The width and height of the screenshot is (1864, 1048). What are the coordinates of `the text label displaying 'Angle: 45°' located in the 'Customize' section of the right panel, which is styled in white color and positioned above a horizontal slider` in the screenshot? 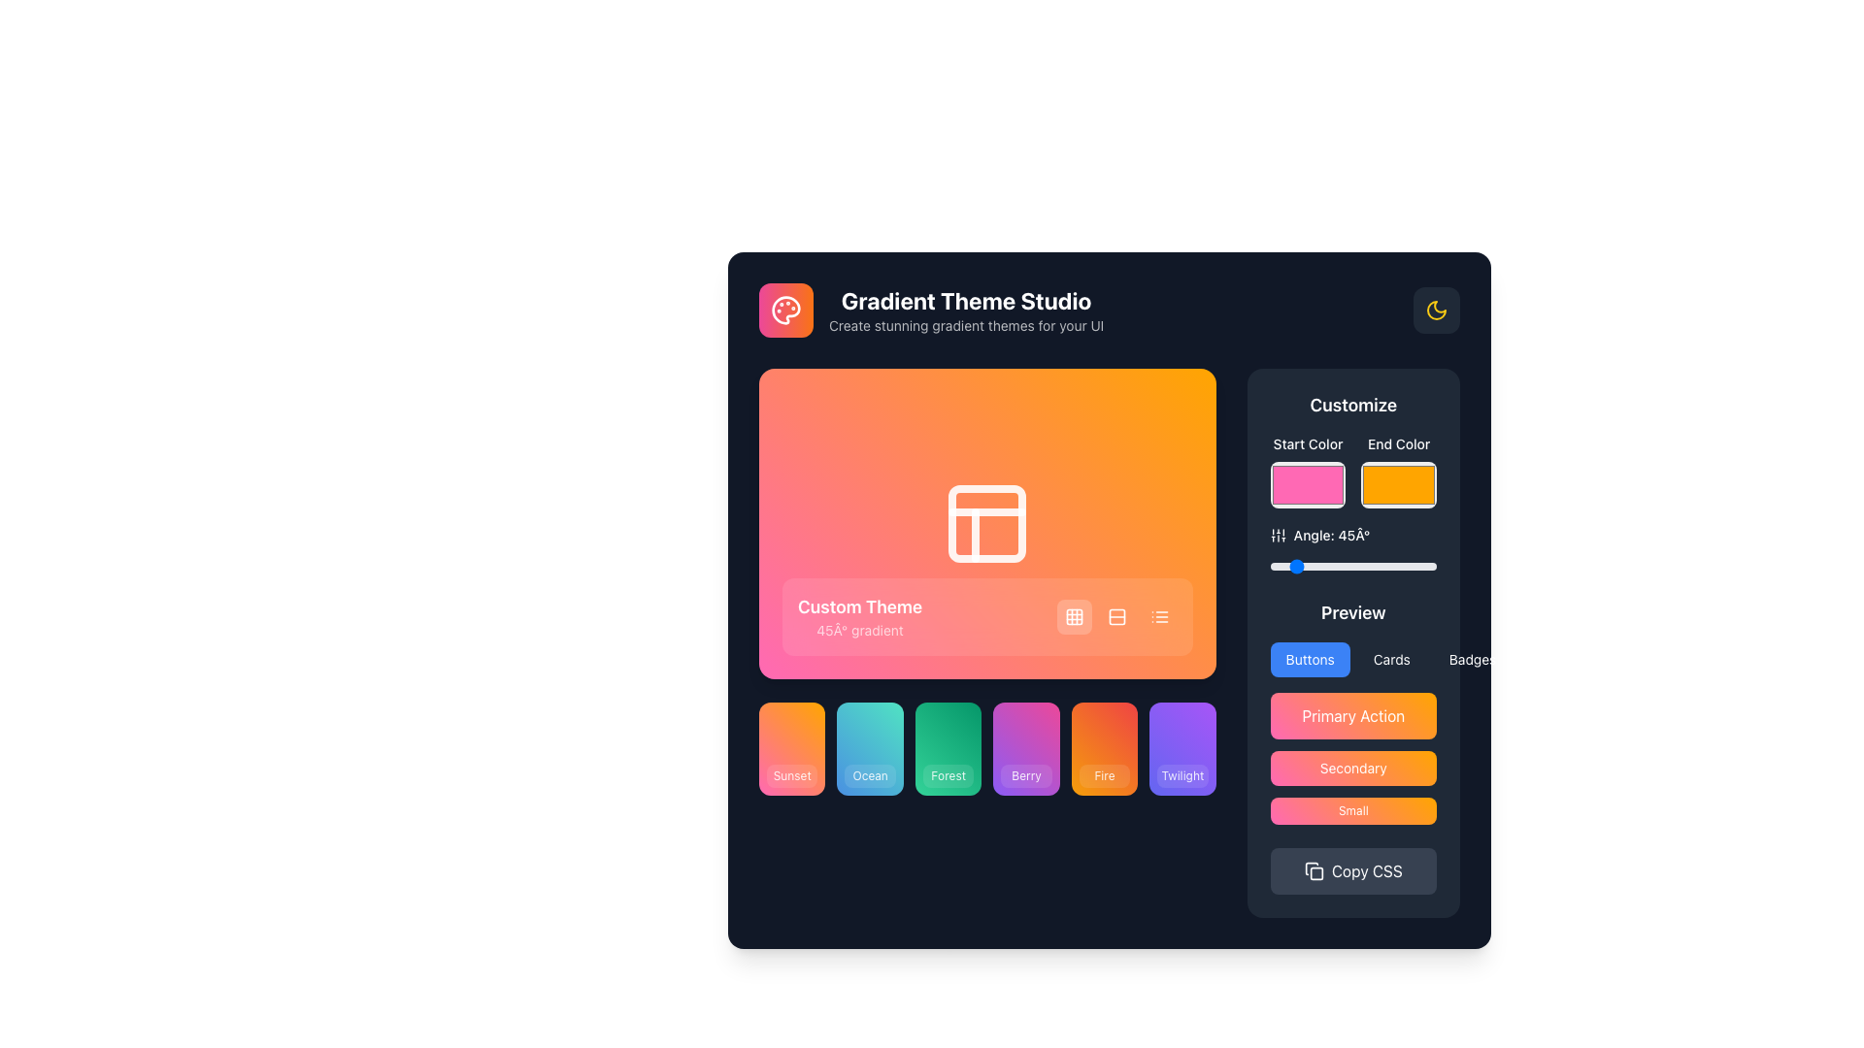 It's located at (1352, 535).